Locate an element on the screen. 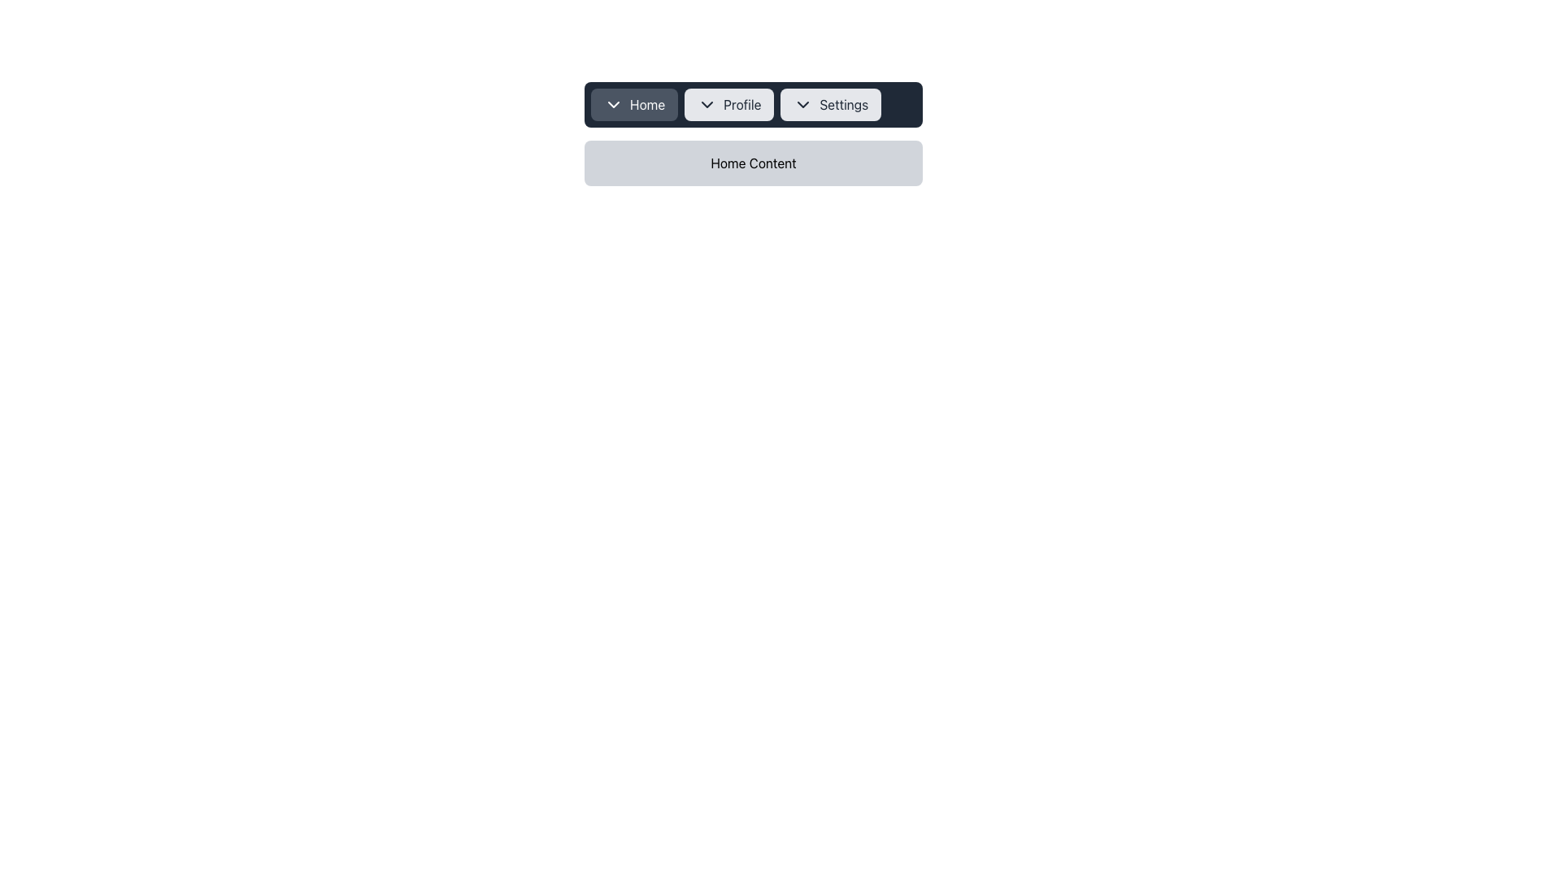  the second button in the horizontal row, located between 'Home' and 'Settings' is located at coordinates (728, 104).